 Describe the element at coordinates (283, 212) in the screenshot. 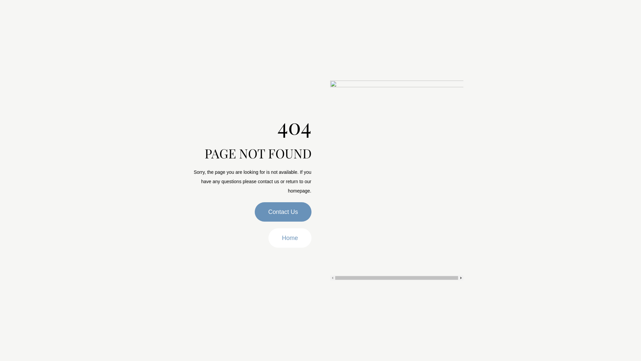

I see `'Contact Us'` at that location.